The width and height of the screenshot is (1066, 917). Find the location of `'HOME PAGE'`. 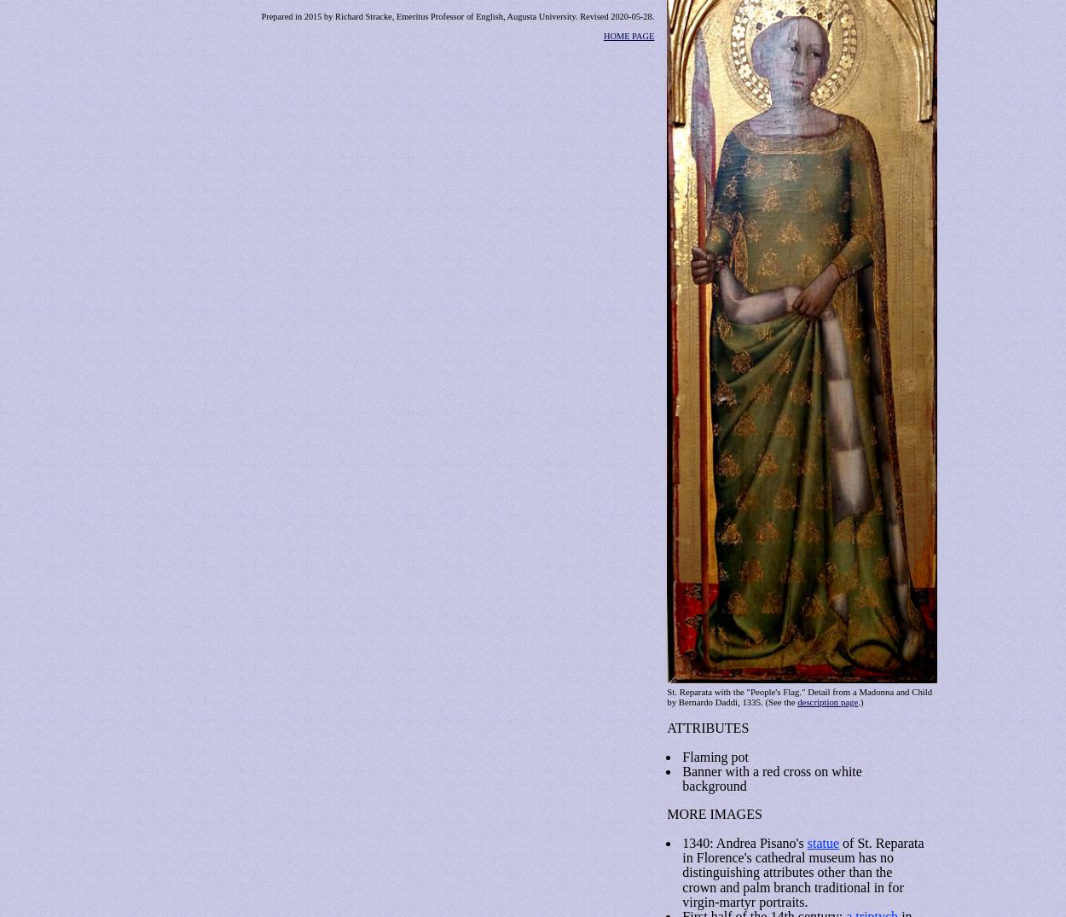

'HOME PAGE' is located at coordinates (628, 34).